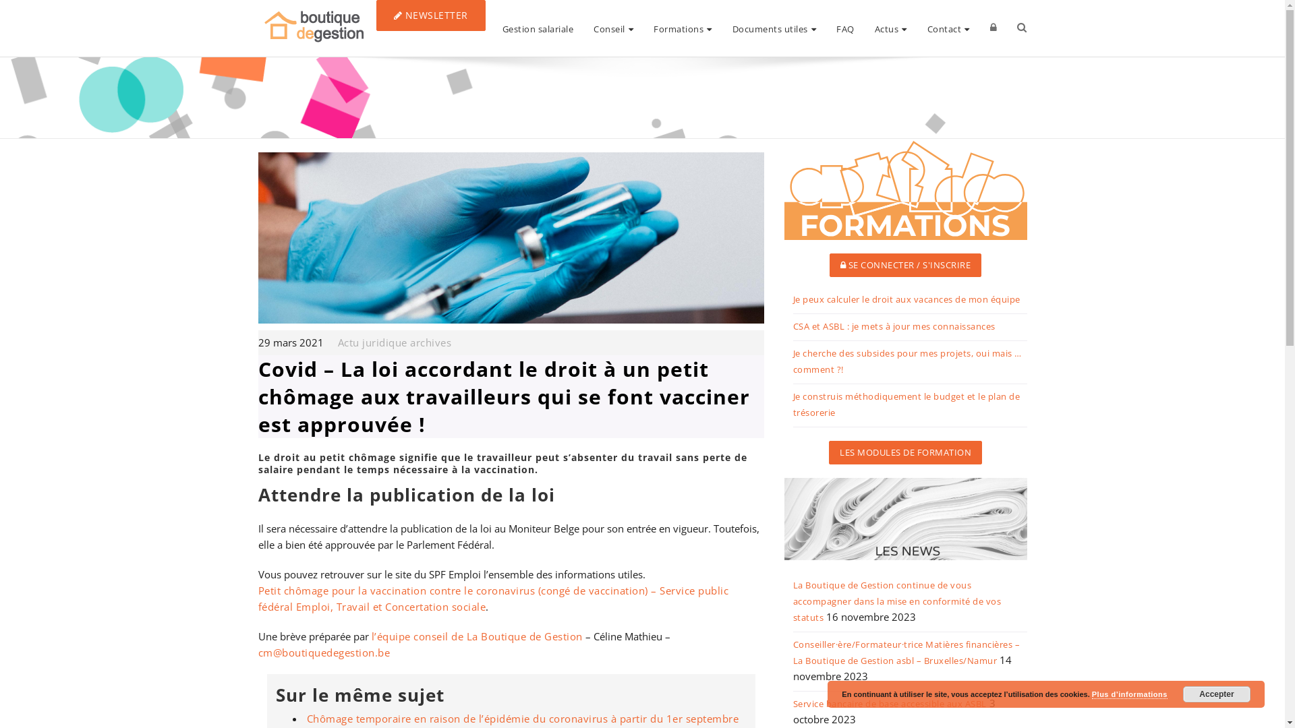 The height and width of the screenshot is (728, 1295). I want to click on 'cm@boutiquedegestion.be', so click(324, 652).